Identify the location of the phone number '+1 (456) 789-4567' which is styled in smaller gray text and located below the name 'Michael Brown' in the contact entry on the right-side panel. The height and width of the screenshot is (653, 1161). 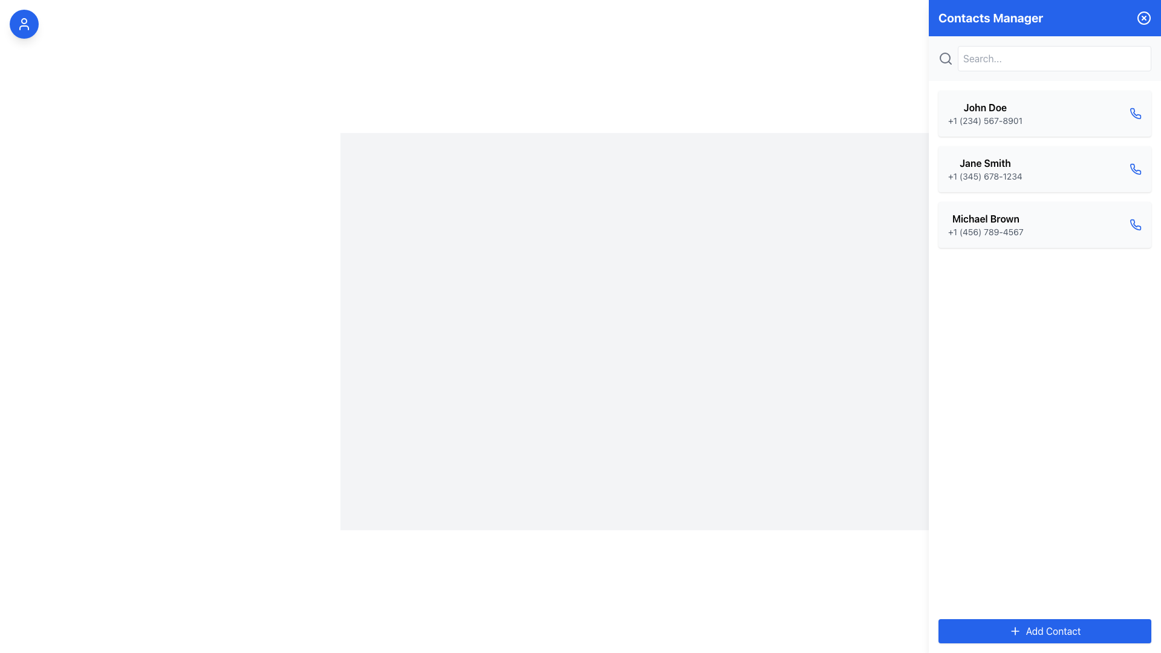
(986, 232).